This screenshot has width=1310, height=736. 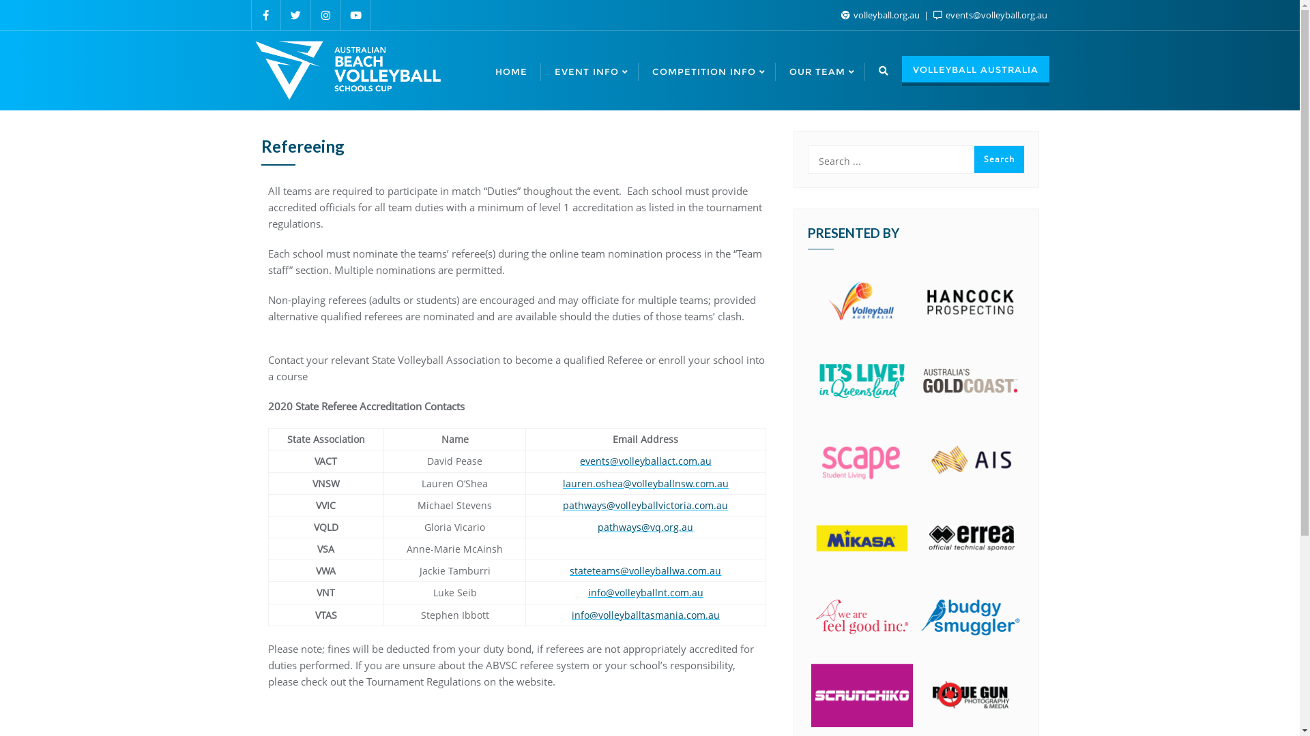 I want to click on 'stateteams@volleyballwa.com.au', so click(x=644, y=570).